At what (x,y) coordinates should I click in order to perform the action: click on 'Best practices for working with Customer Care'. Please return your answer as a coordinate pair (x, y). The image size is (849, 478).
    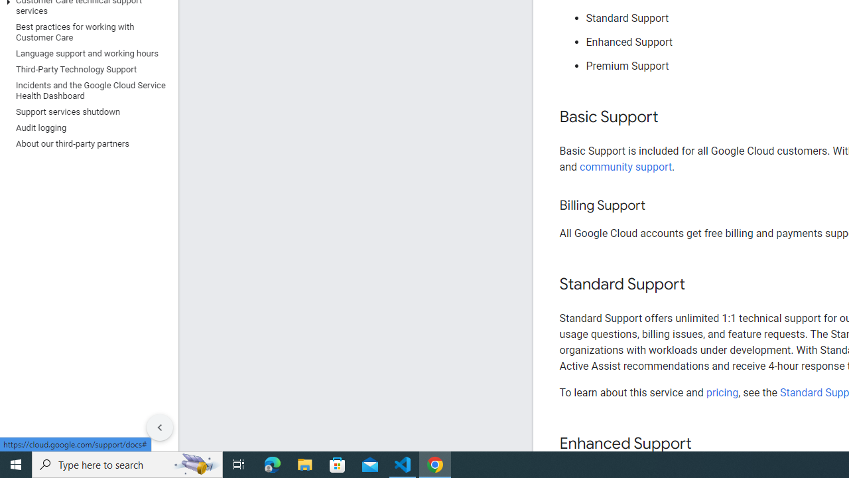
    Looking at the image, I should click on (86, 31).